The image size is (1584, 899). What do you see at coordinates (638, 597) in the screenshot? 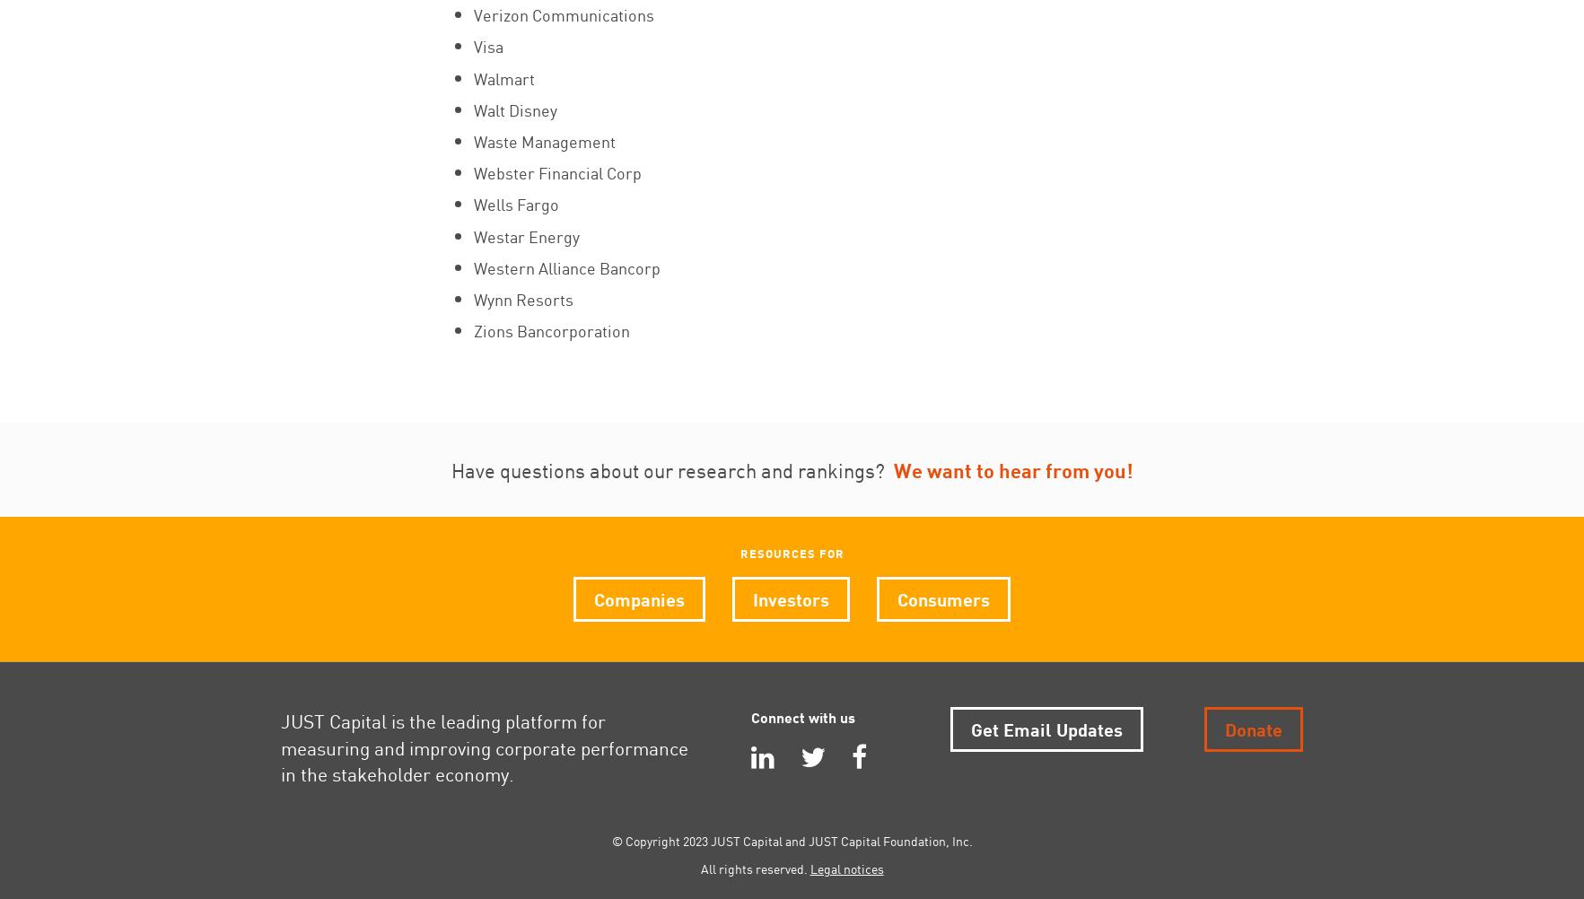
I see `'Companies'` at bounding box center [638, 597].